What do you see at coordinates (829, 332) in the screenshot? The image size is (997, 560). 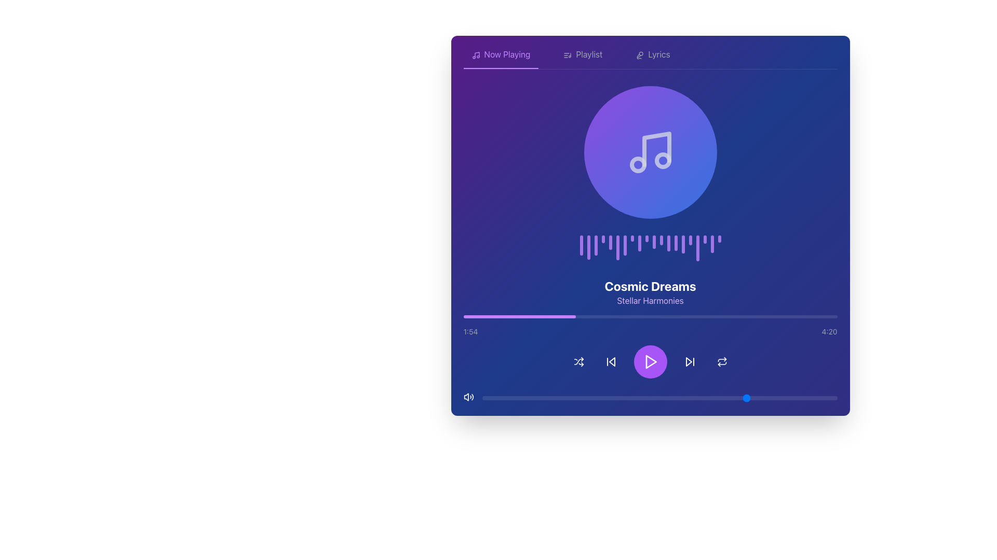 I see `the text label displaying the duration '4:20', which is styled in a small, gray-colored font, located at the bottom-right of the user interface` at bounding box center [829, 332].